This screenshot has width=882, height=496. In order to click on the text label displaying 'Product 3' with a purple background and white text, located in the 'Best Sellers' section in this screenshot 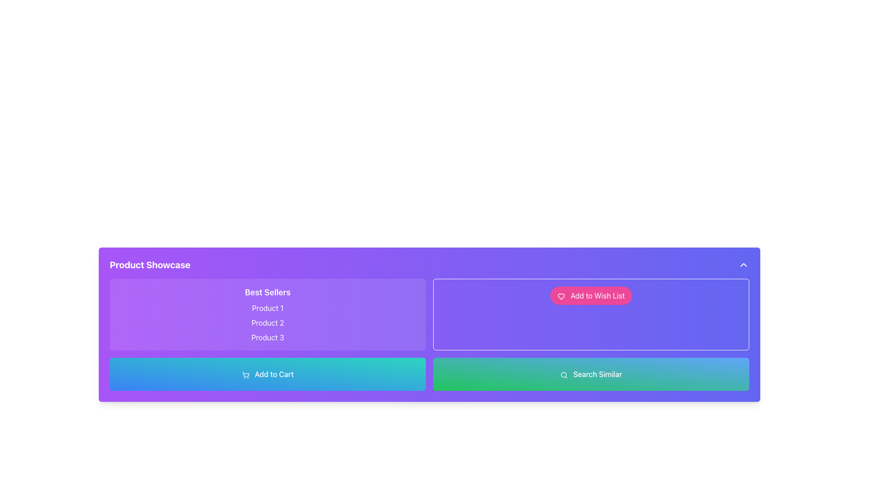, I will do `click(267, 338)`.